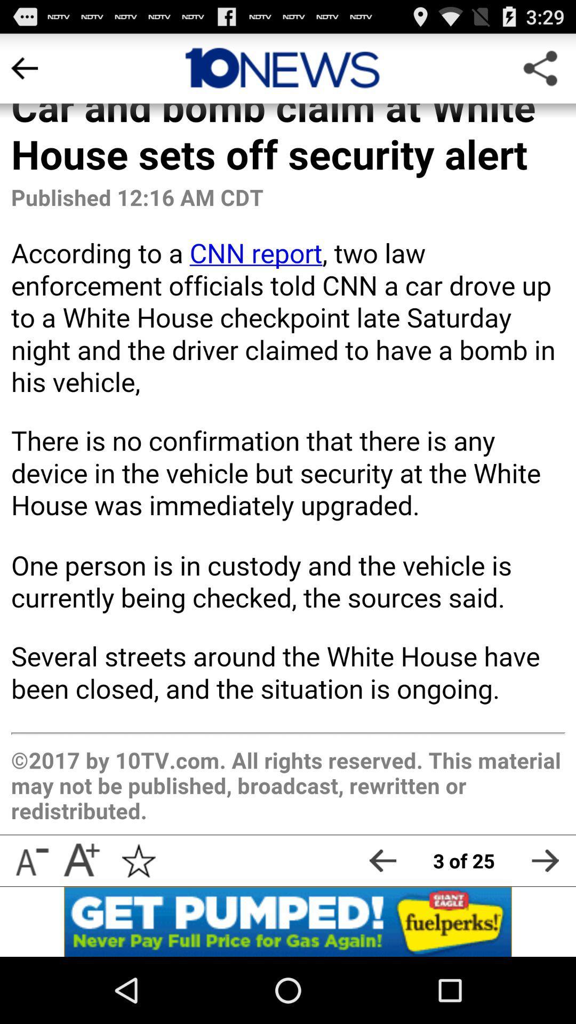 This screenshot has width=576, height=1024. What do you see at coordinates (382, 860) in the screenshot?
I see `go back` at bounding box center [382, 860].